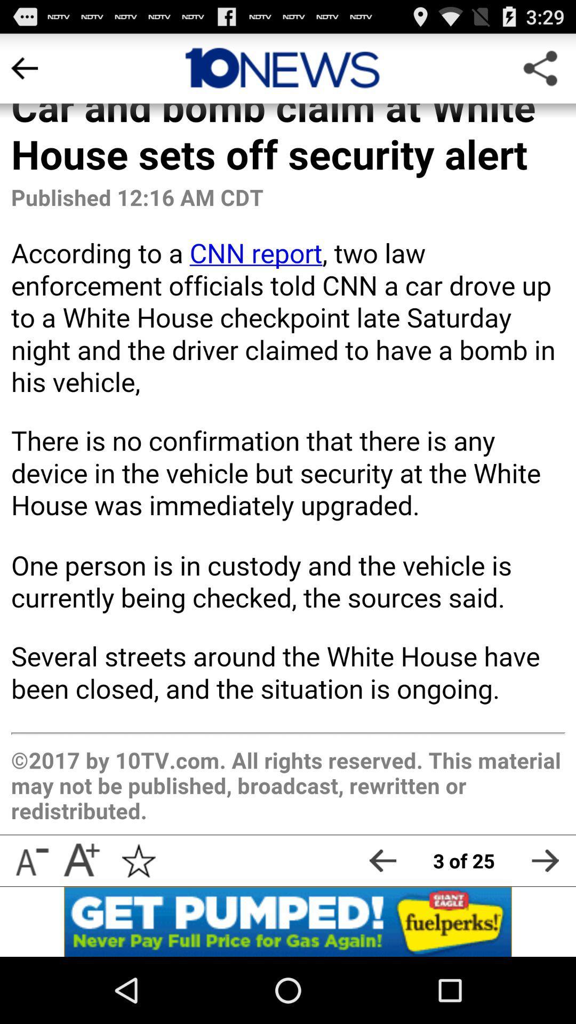 This screenshot has width=576, height=1024. What do you see at coordinates (382, 860) in the screenshot?
I see `go back` at bounding box center [382, 860].